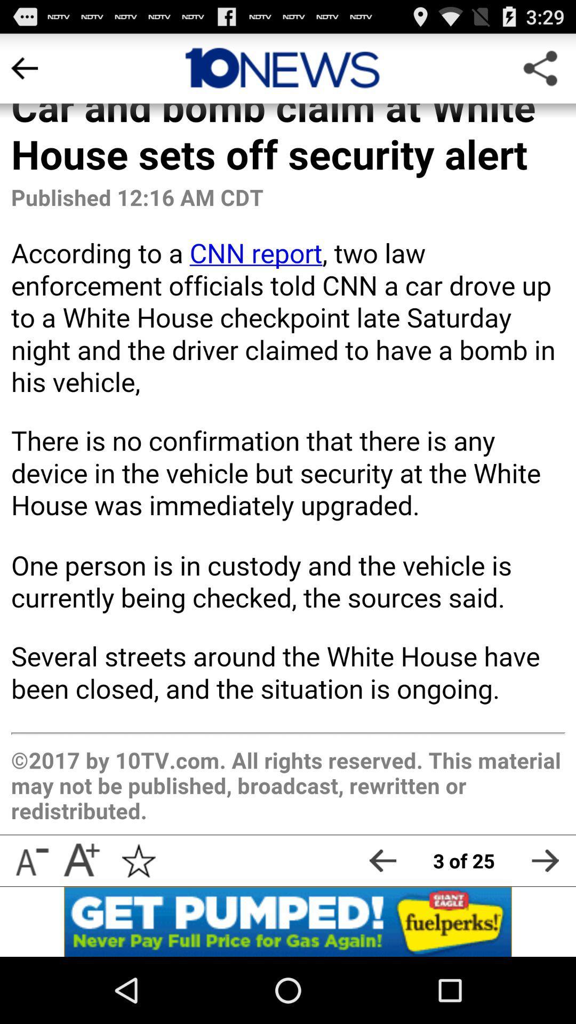 This screenshot has width=576, height=1024. What do you see at coordinates (382, 860) in the screenshot?
I see `go back` at bounding box center [382, 860].